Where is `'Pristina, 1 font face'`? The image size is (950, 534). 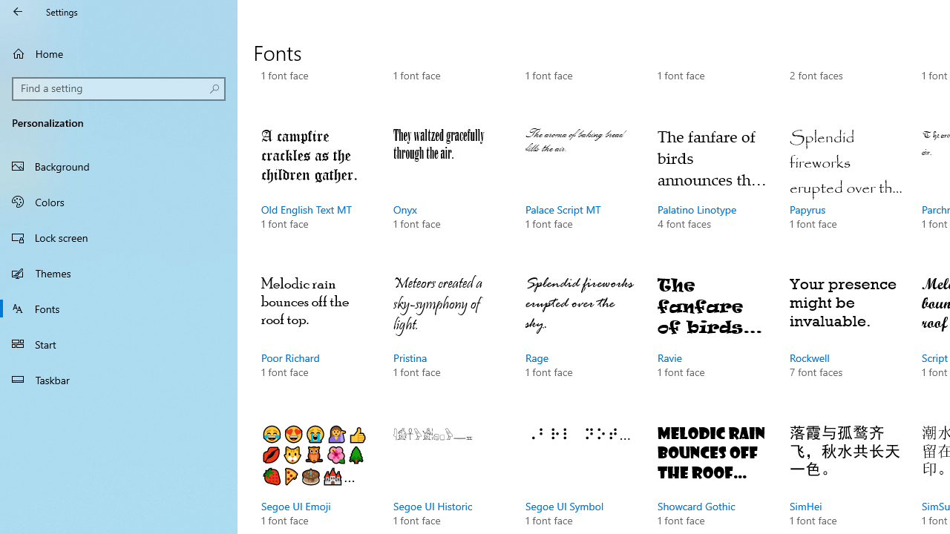 'Pristina, 1 font face' is located at coordinates (448, 341).